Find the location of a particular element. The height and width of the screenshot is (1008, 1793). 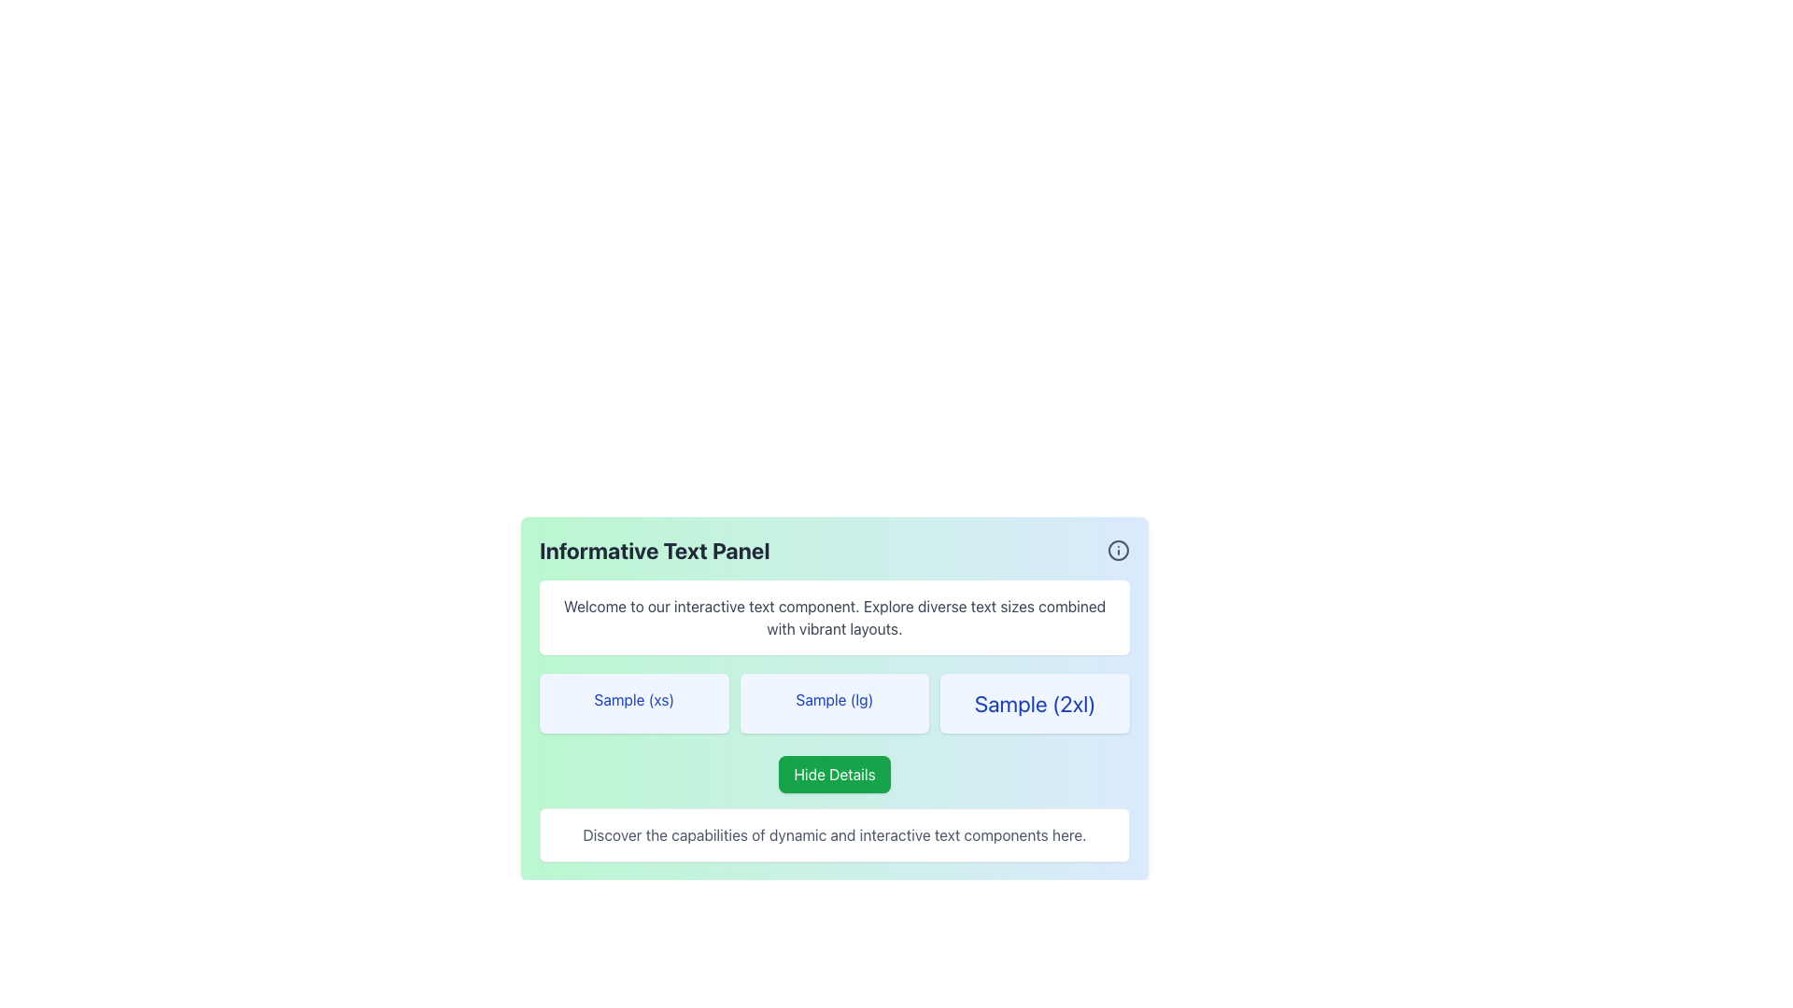

the 'Sample (lg)' button, which is a rectangular button with a light blue background and bold blue text, located centrally between 'Sample (xs)' and 'Sample (2xl)' is located at coordinates (833, 703).